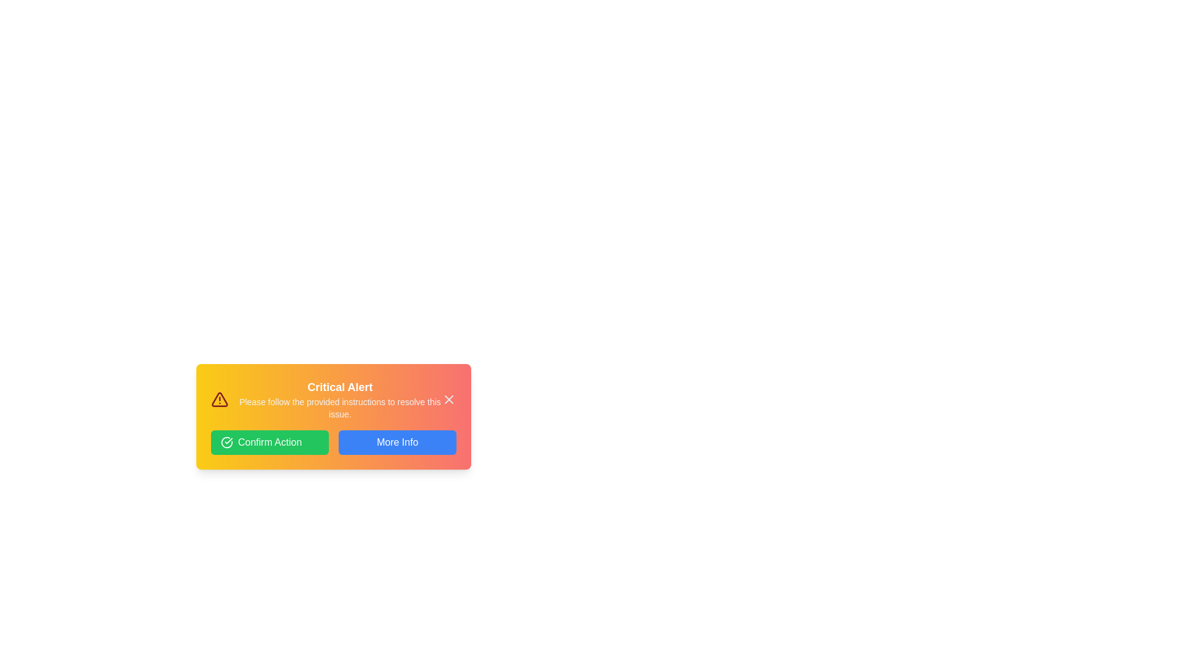 This screenshot has width=1178, height=663. Describe the element at coordinates (448, 400) in the screenshot. I see `the close button (X) to close the alert panel` at that location.